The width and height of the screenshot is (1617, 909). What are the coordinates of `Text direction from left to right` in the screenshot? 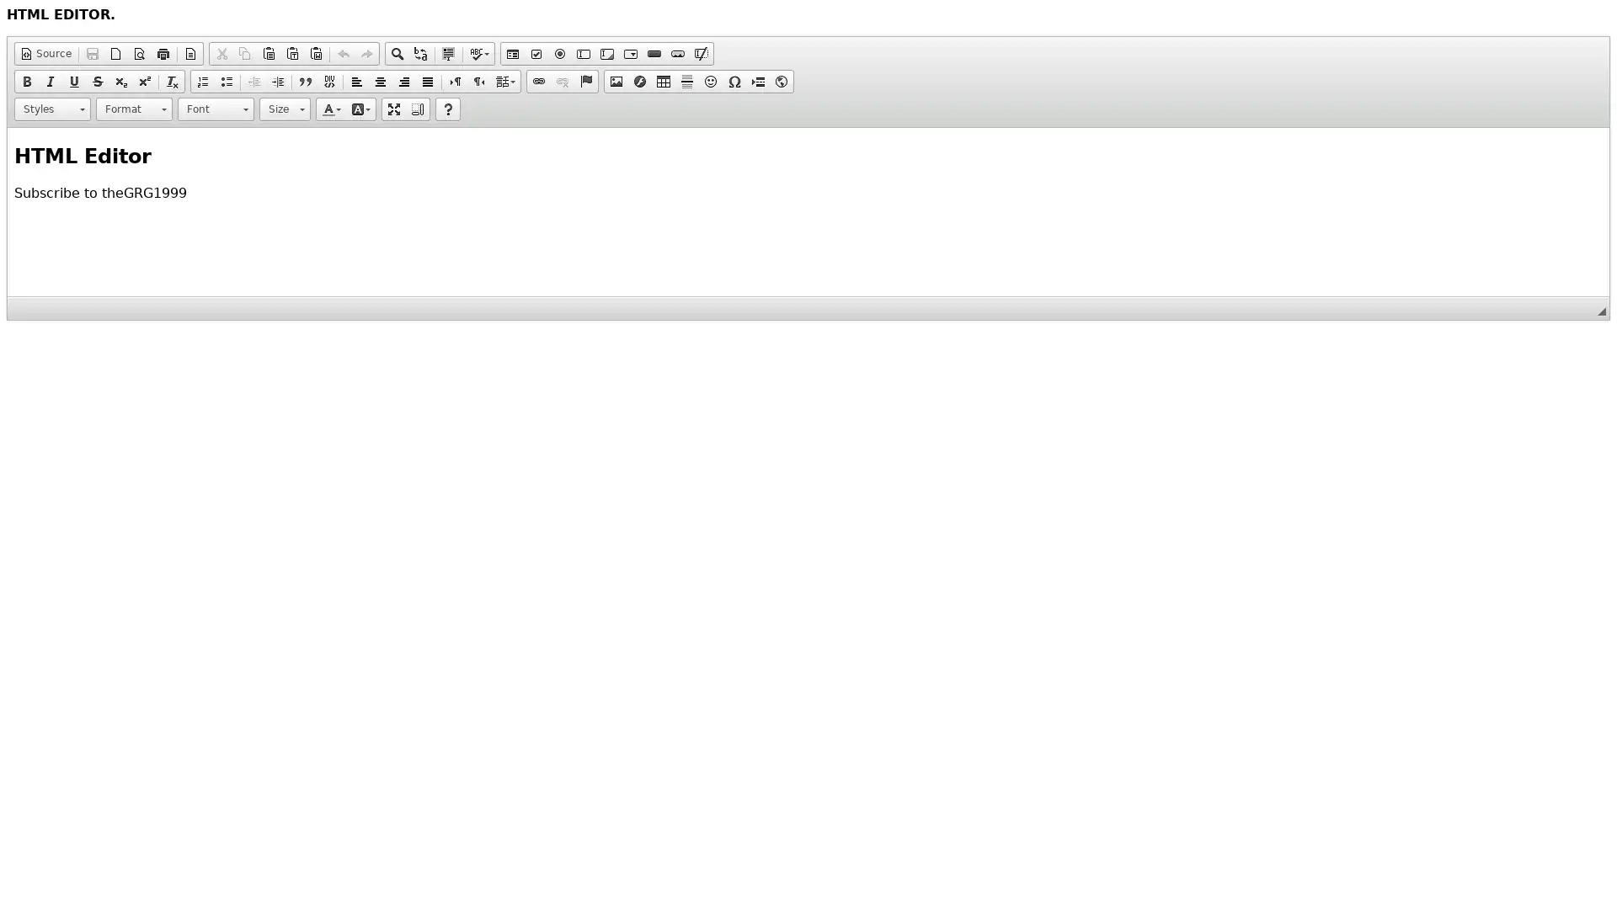 It's located at (456, 81).